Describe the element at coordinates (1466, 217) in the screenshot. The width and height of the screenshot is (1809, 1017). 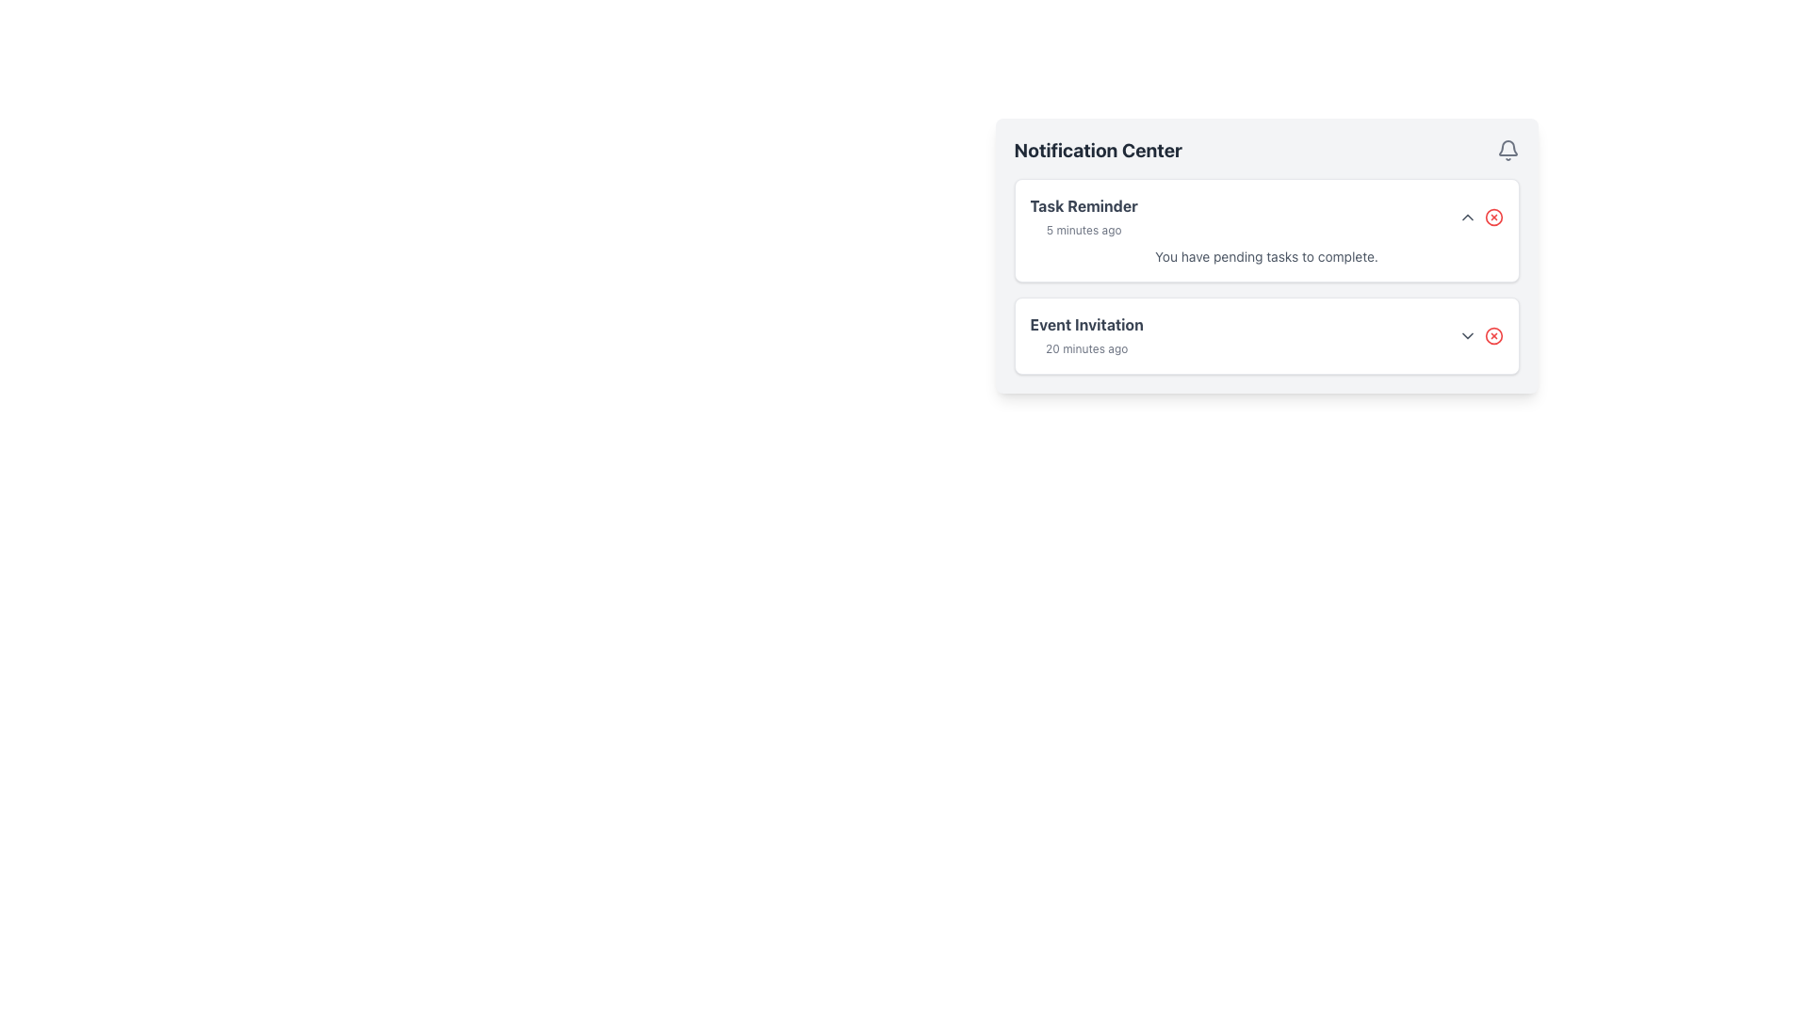
I see `the upward-pointing chevron arrow icon button located in the top-right corner of the 'Task Reminder' notification block` at that location.